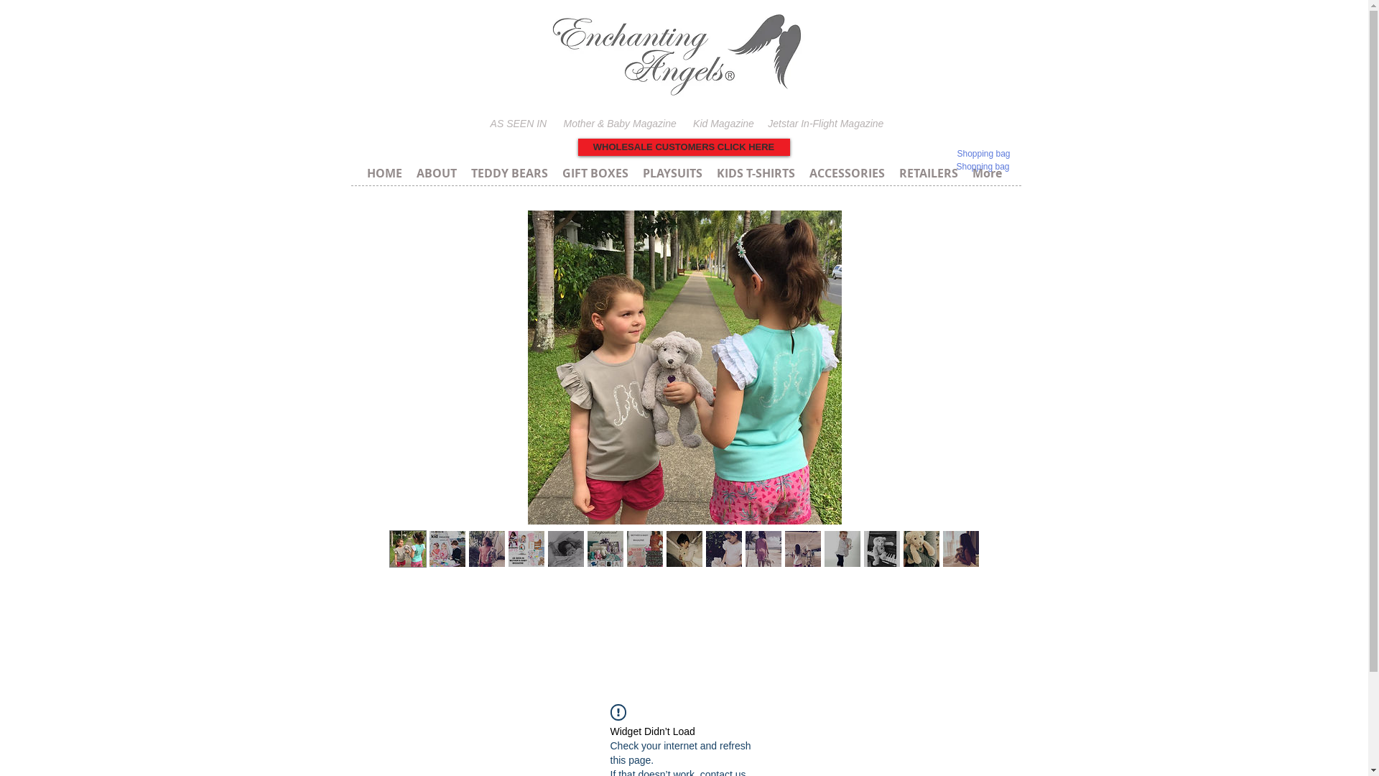 The width and height of the screenshot is (1379, 776). Describe the element at coordinates (384, 171) in the screenshot. I see `'HOME'` at that location.